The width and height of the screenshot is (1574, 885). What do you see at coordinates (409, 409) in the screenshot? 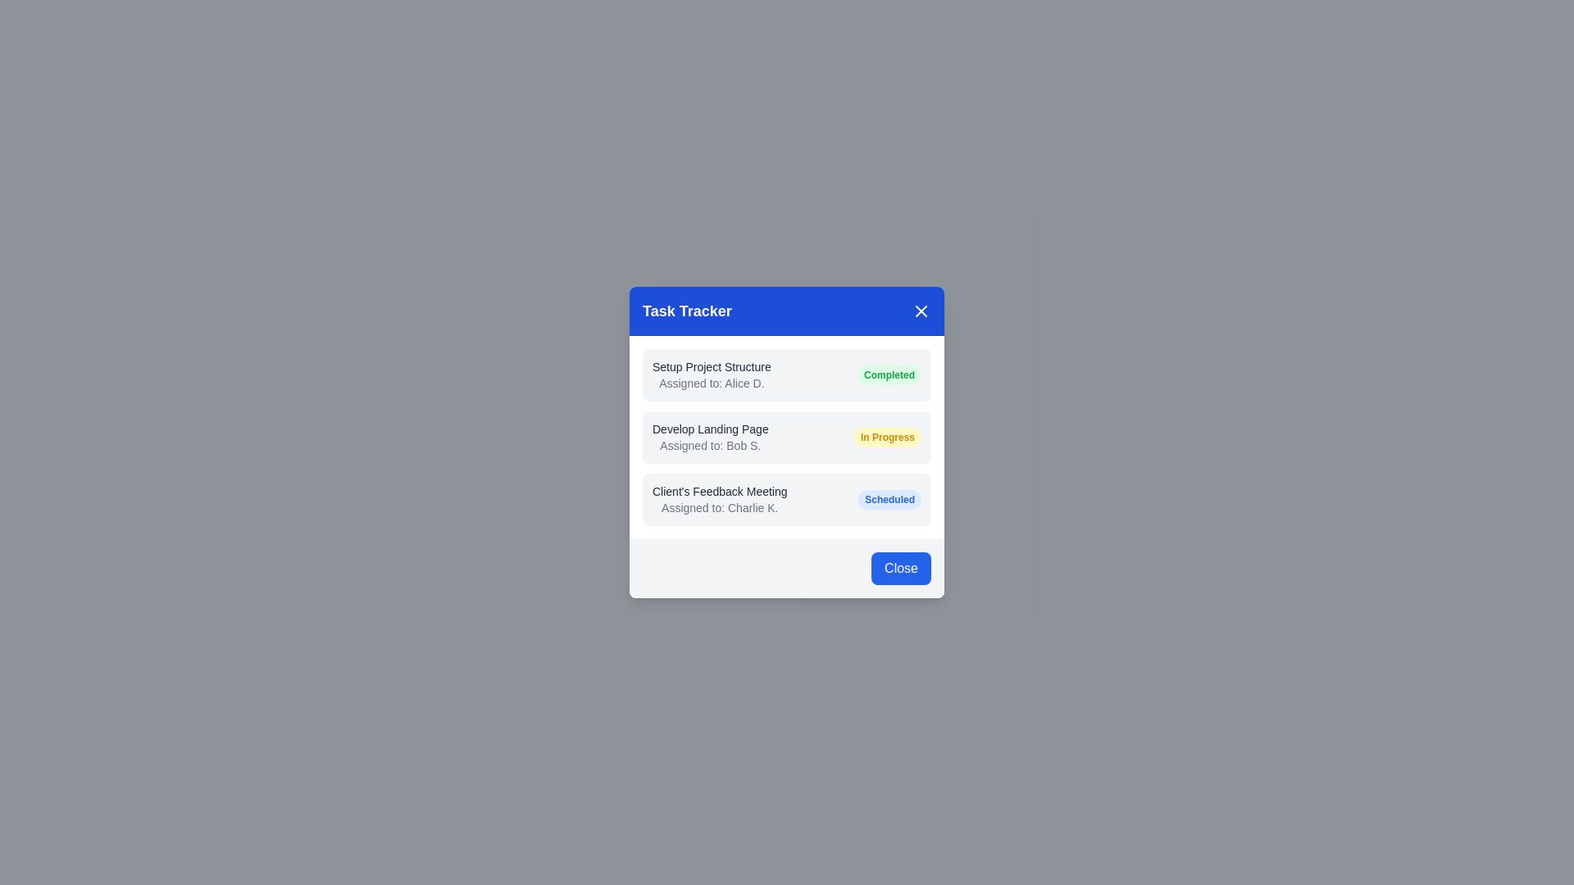
I see `the background outside the dialog to close it` at bounding box center [409, 409].